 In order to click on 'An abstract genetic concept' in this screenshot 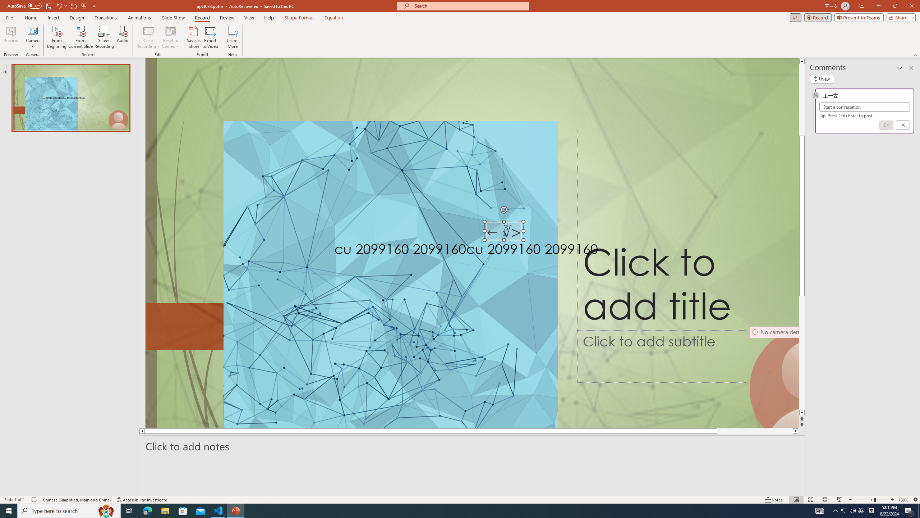, I will do `click(471, 242)`.